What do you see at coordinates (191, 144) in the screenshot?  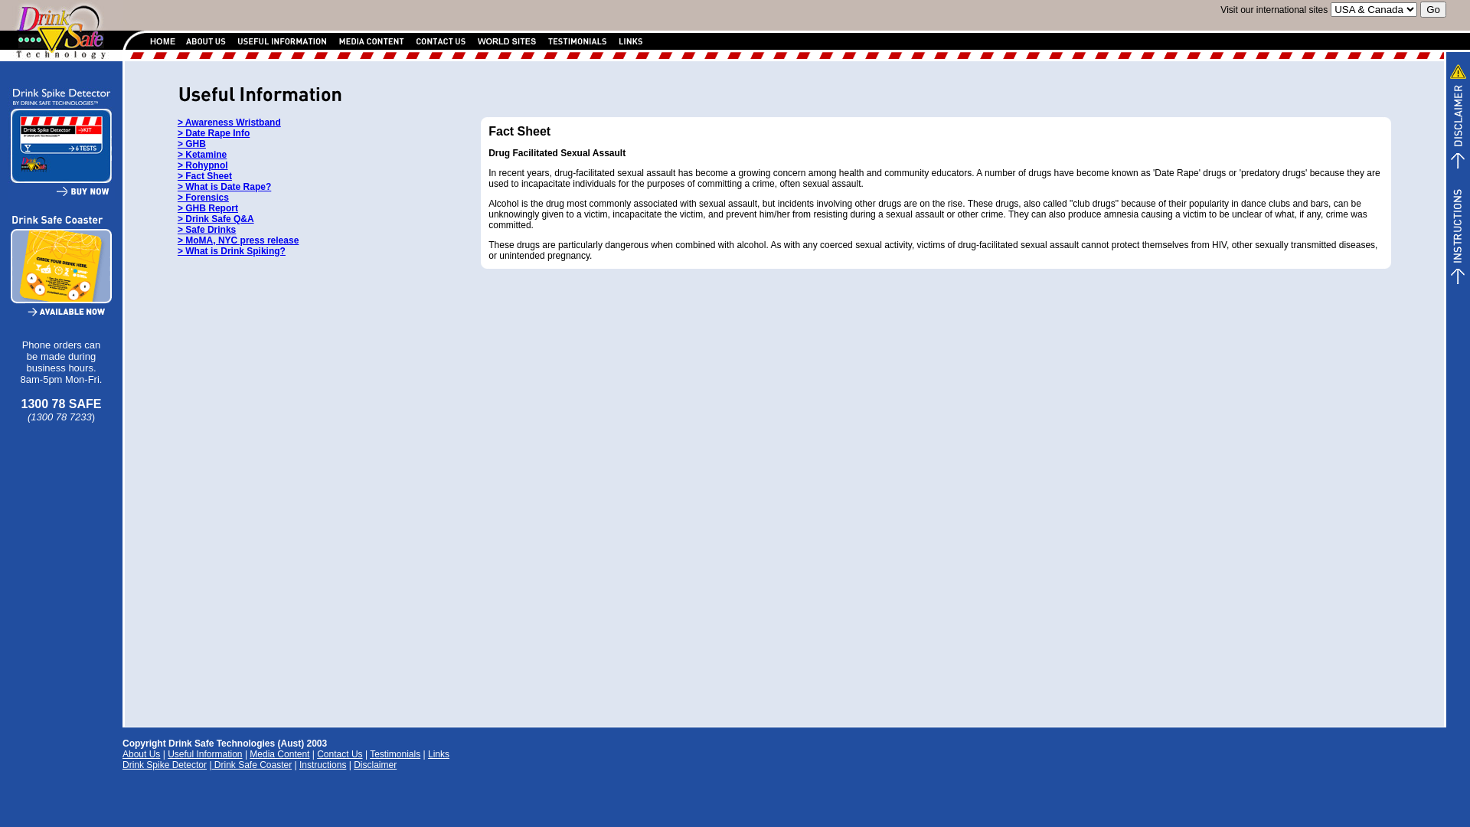 I see `'> GHB'` at bounding box center [191, 144].